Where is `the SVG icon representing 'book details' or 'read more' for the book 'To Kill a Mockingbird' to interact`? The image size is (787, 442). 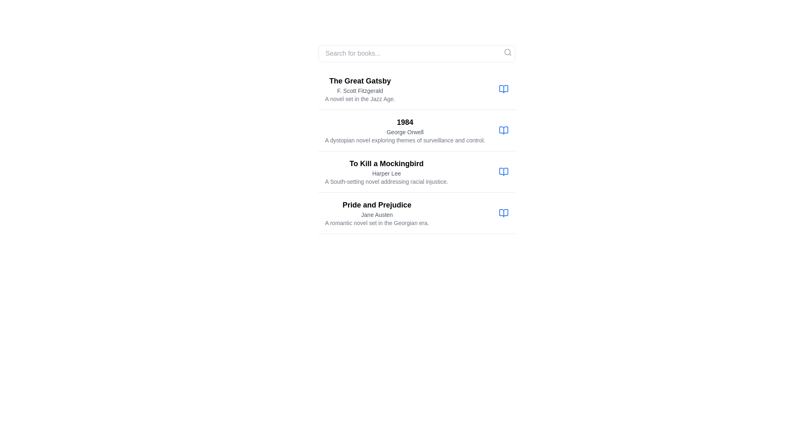 the SVG icon representing 'book details' or 'read more' for the book 'To Kill a Mockingbird' to interact is located at coordinates (503, 171).